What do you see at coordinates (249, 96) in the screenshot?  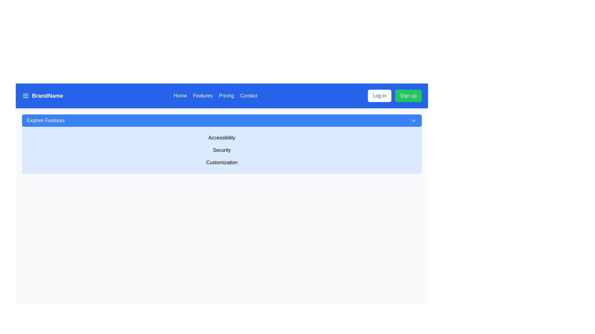 I see `the 'Contact' text link in the upper blue navigation bar` at bounding box center [249, 96].